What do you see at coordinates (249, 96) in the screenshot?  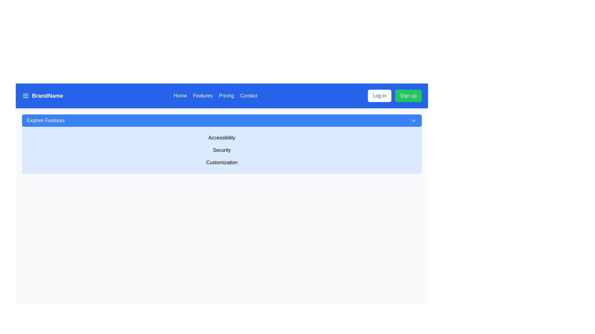 I see `the 'Contact' text link in the upper blue navigation bar` at bounding box center [249, 96].